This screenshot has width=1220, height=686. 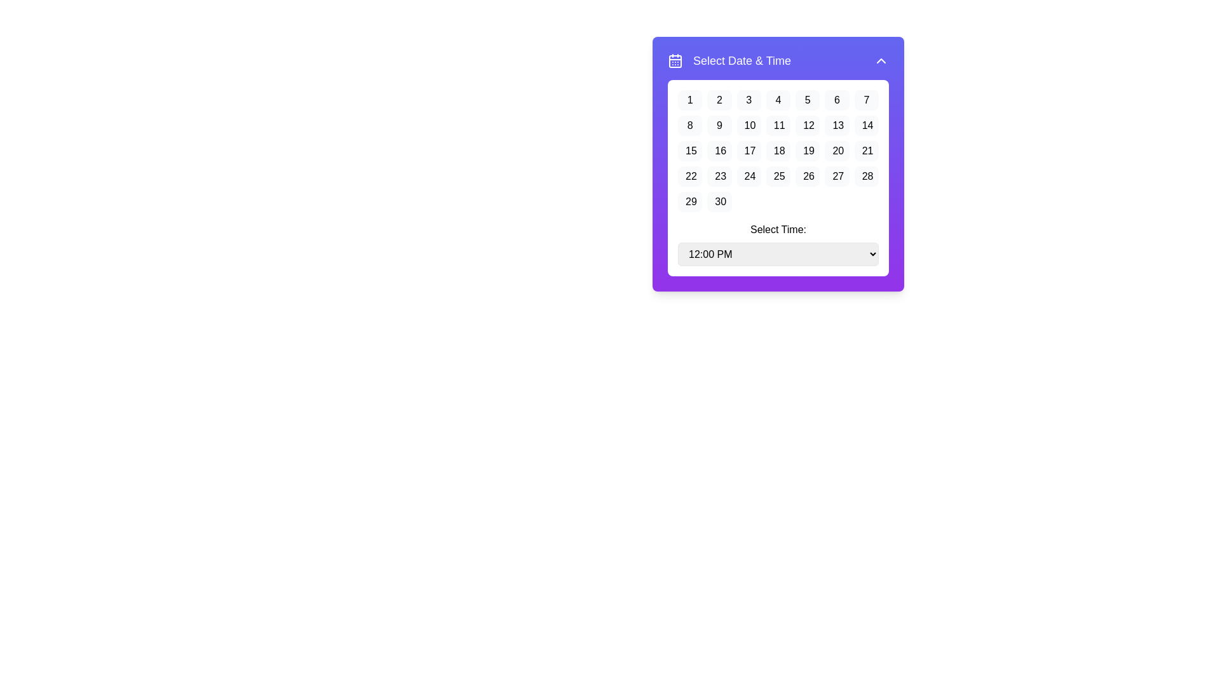 What do you see at coordinates (719, 176) in the screenshot?
I see `the button representing the selectable date '23' in the calendar interface to change its background color` at bounding box center [719, 176].